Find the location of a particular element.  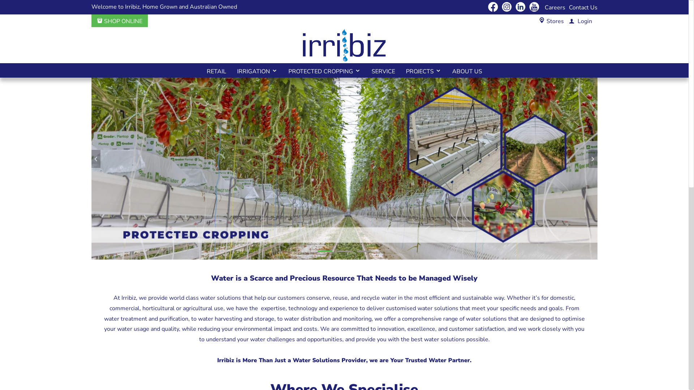

'Login' is located at coordinates (564, 21).